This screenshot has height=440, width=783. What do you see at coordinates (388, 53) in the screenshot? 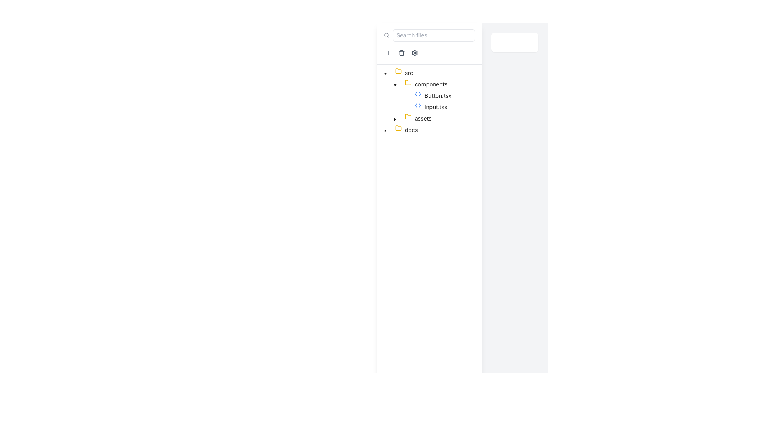
I see `the small circular button with a plus sign icon inside it, located in the top-left section of the interface` at bounding box center [388, 53].